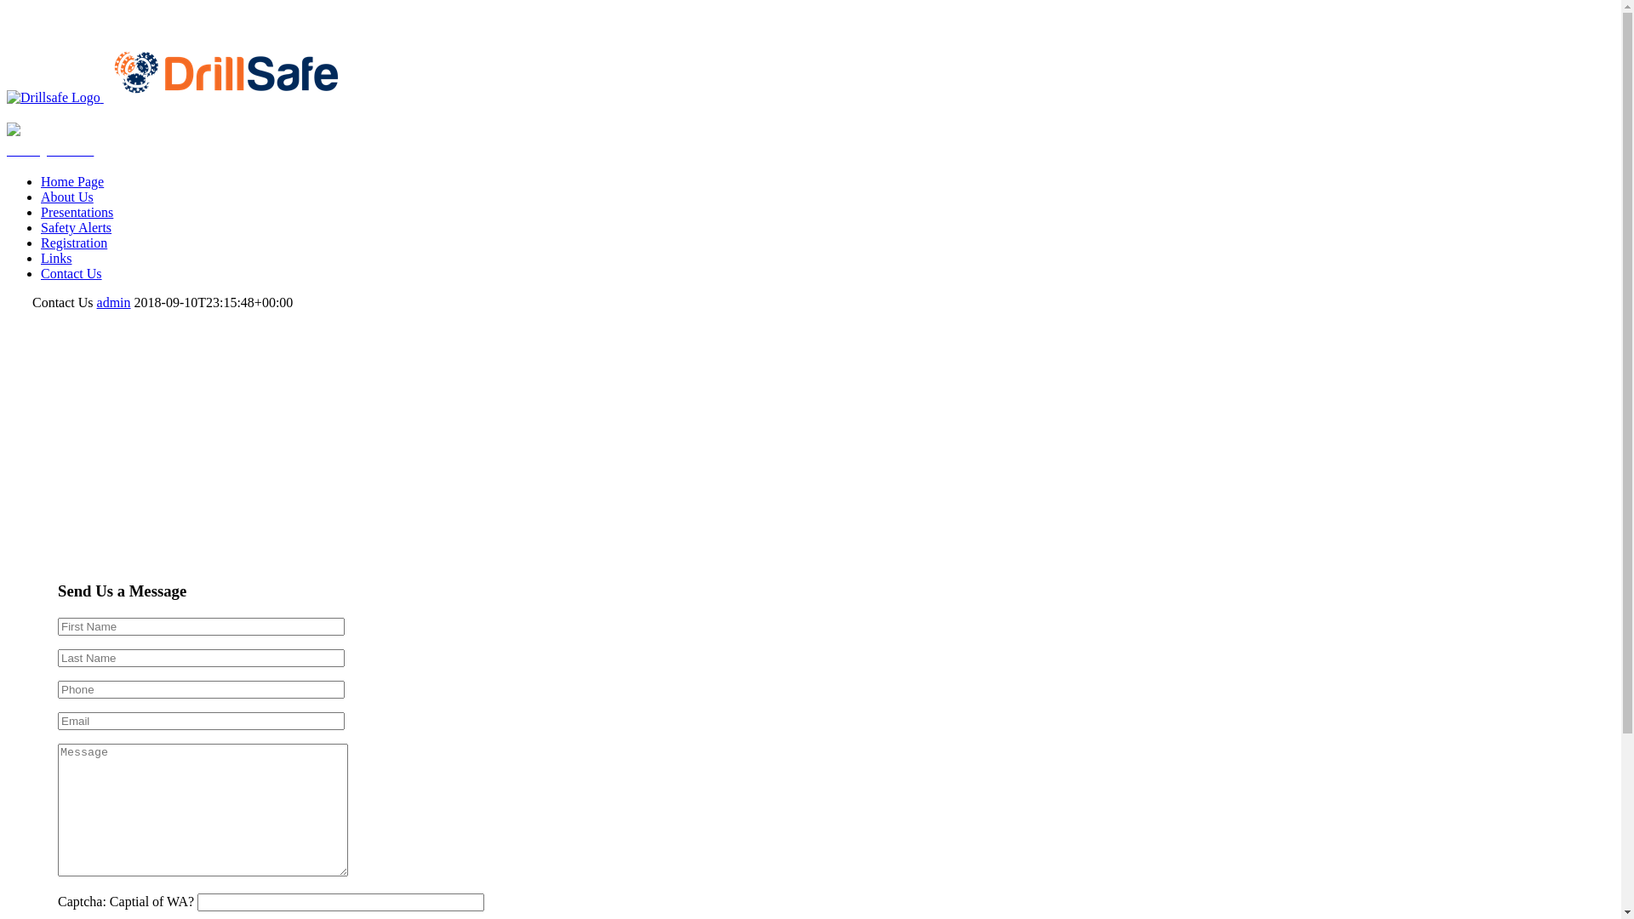  What do you see at coordinates (41, 211) in the screenshot?
I see `'Presentations'` at bounding box center [41, 211].